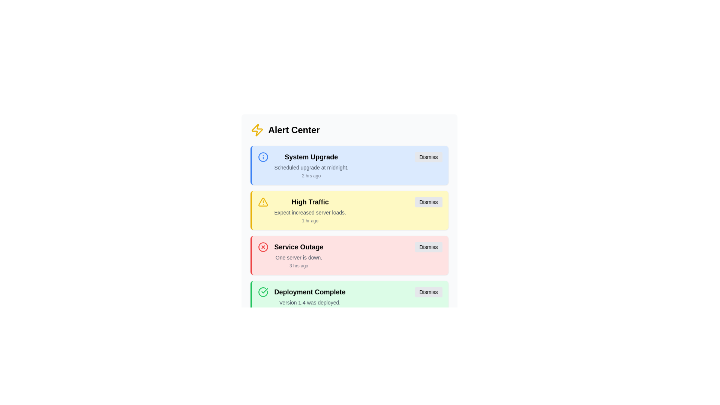 Image resolution: width=720 pixels, height=405 pixels. What do you see at coordinates (298, 257) in the screenshot?
I see `the static text element reading 'One server is down.' which is centrally aligned below the title 'Service Outage' in a light pink card` at bounding box center [298, 257].